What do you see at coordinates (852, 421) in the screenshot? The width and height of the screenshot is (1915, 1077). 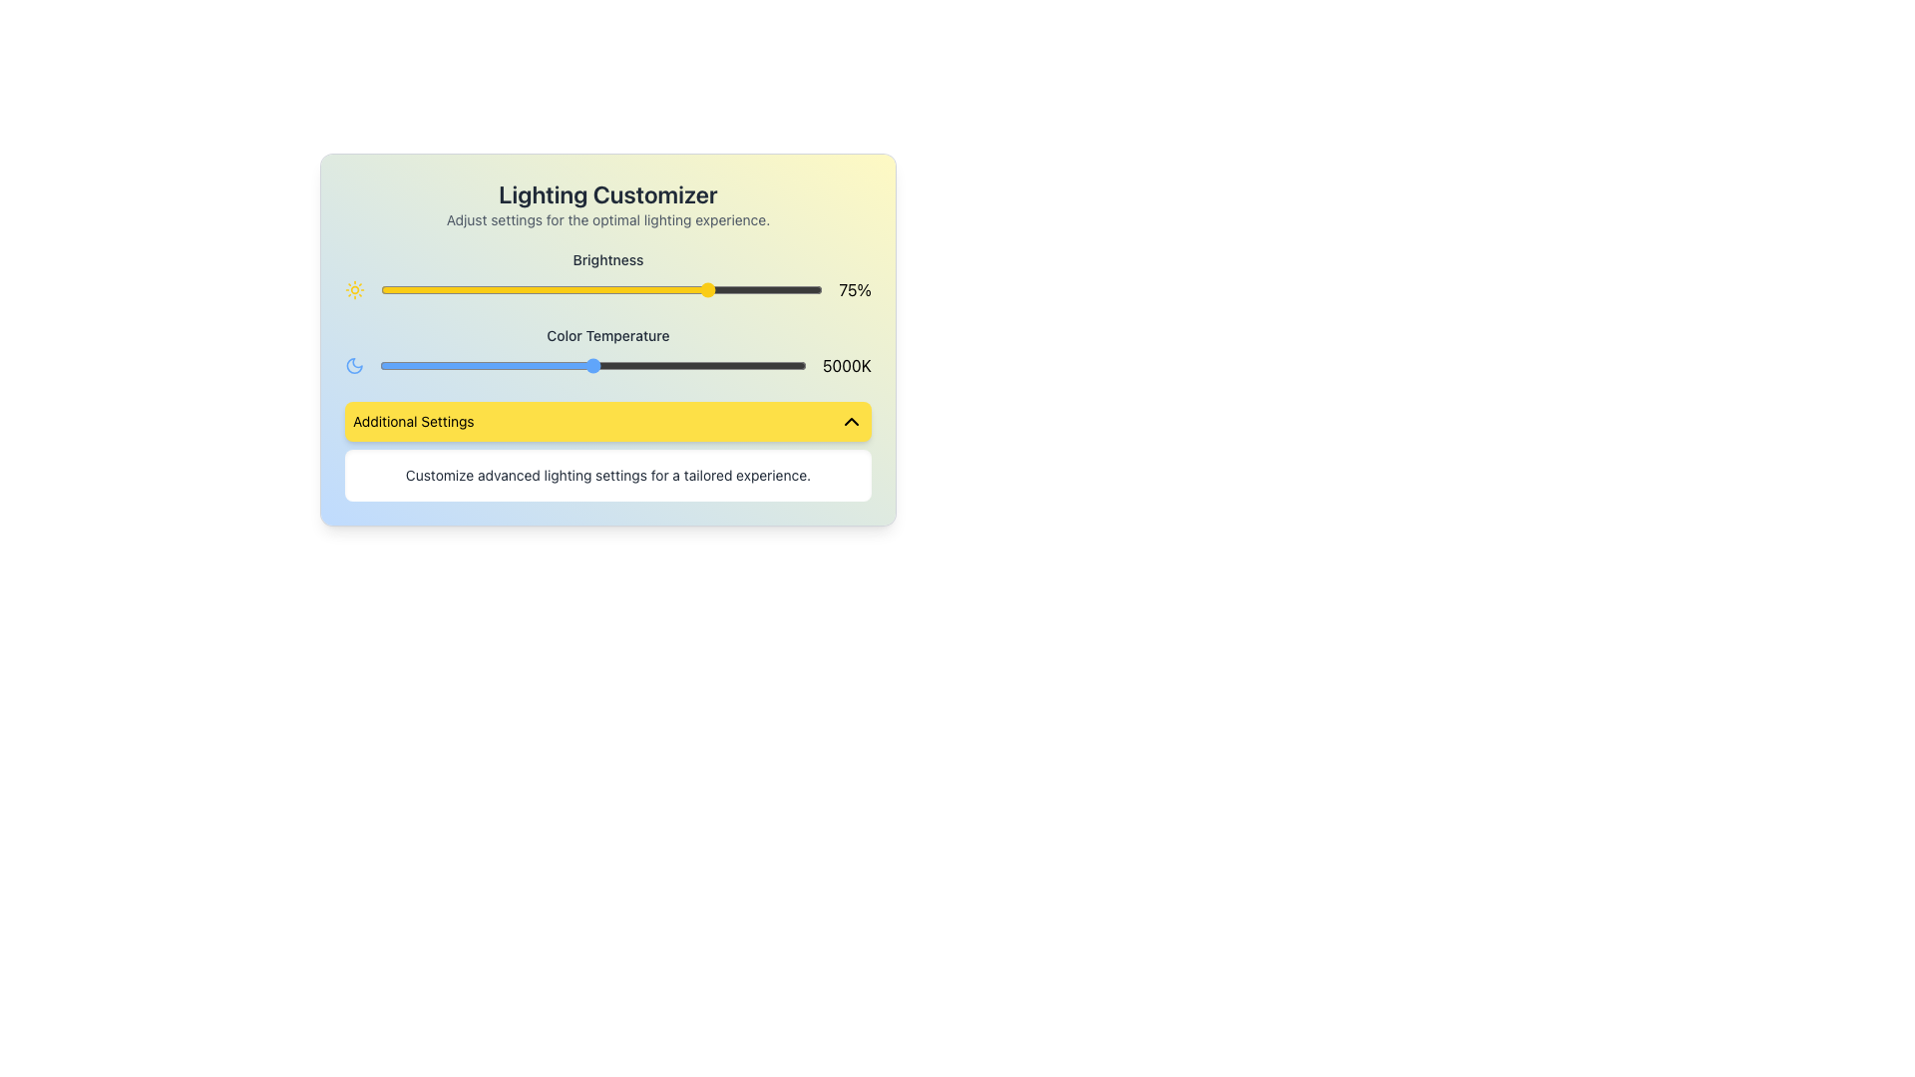 I see `the chevron-up icon with a black outline on a yellow background, located at the right end inside the 'Additional Settings' button` at bounding box center [852, 421].